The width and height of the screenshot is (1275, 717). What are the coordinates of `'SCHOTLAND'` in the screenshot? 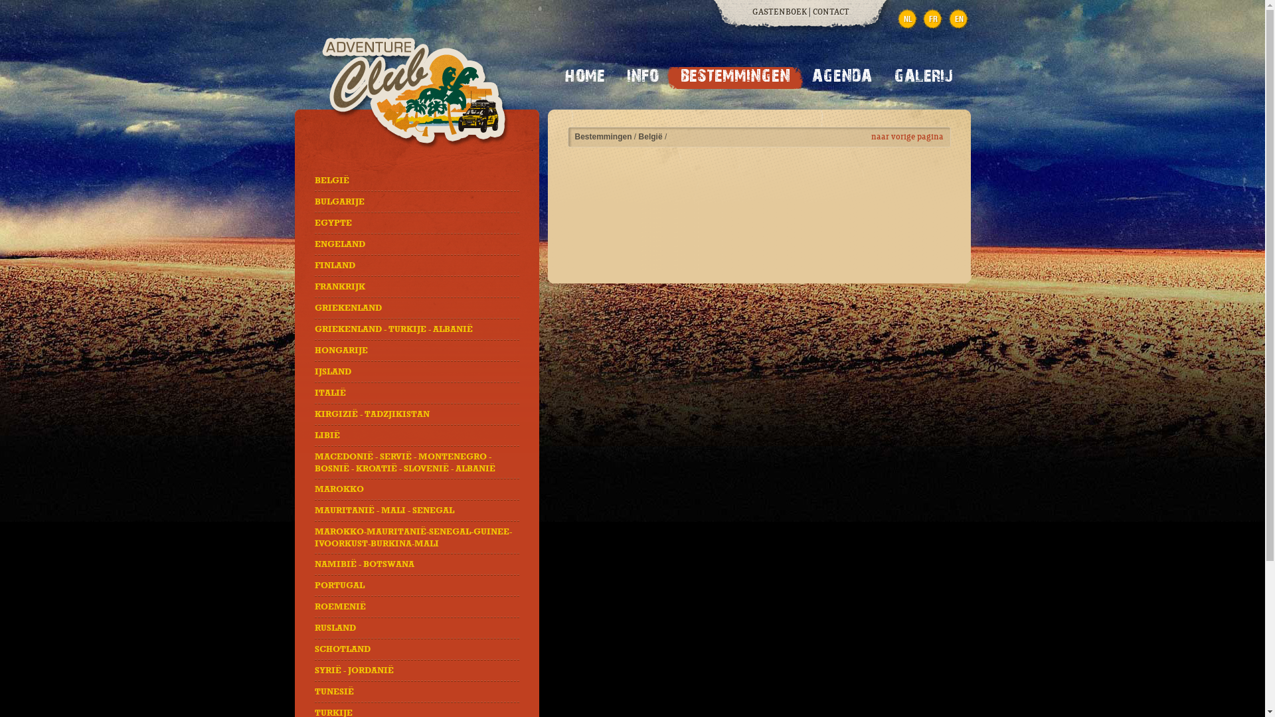 It's located at (343, 649).